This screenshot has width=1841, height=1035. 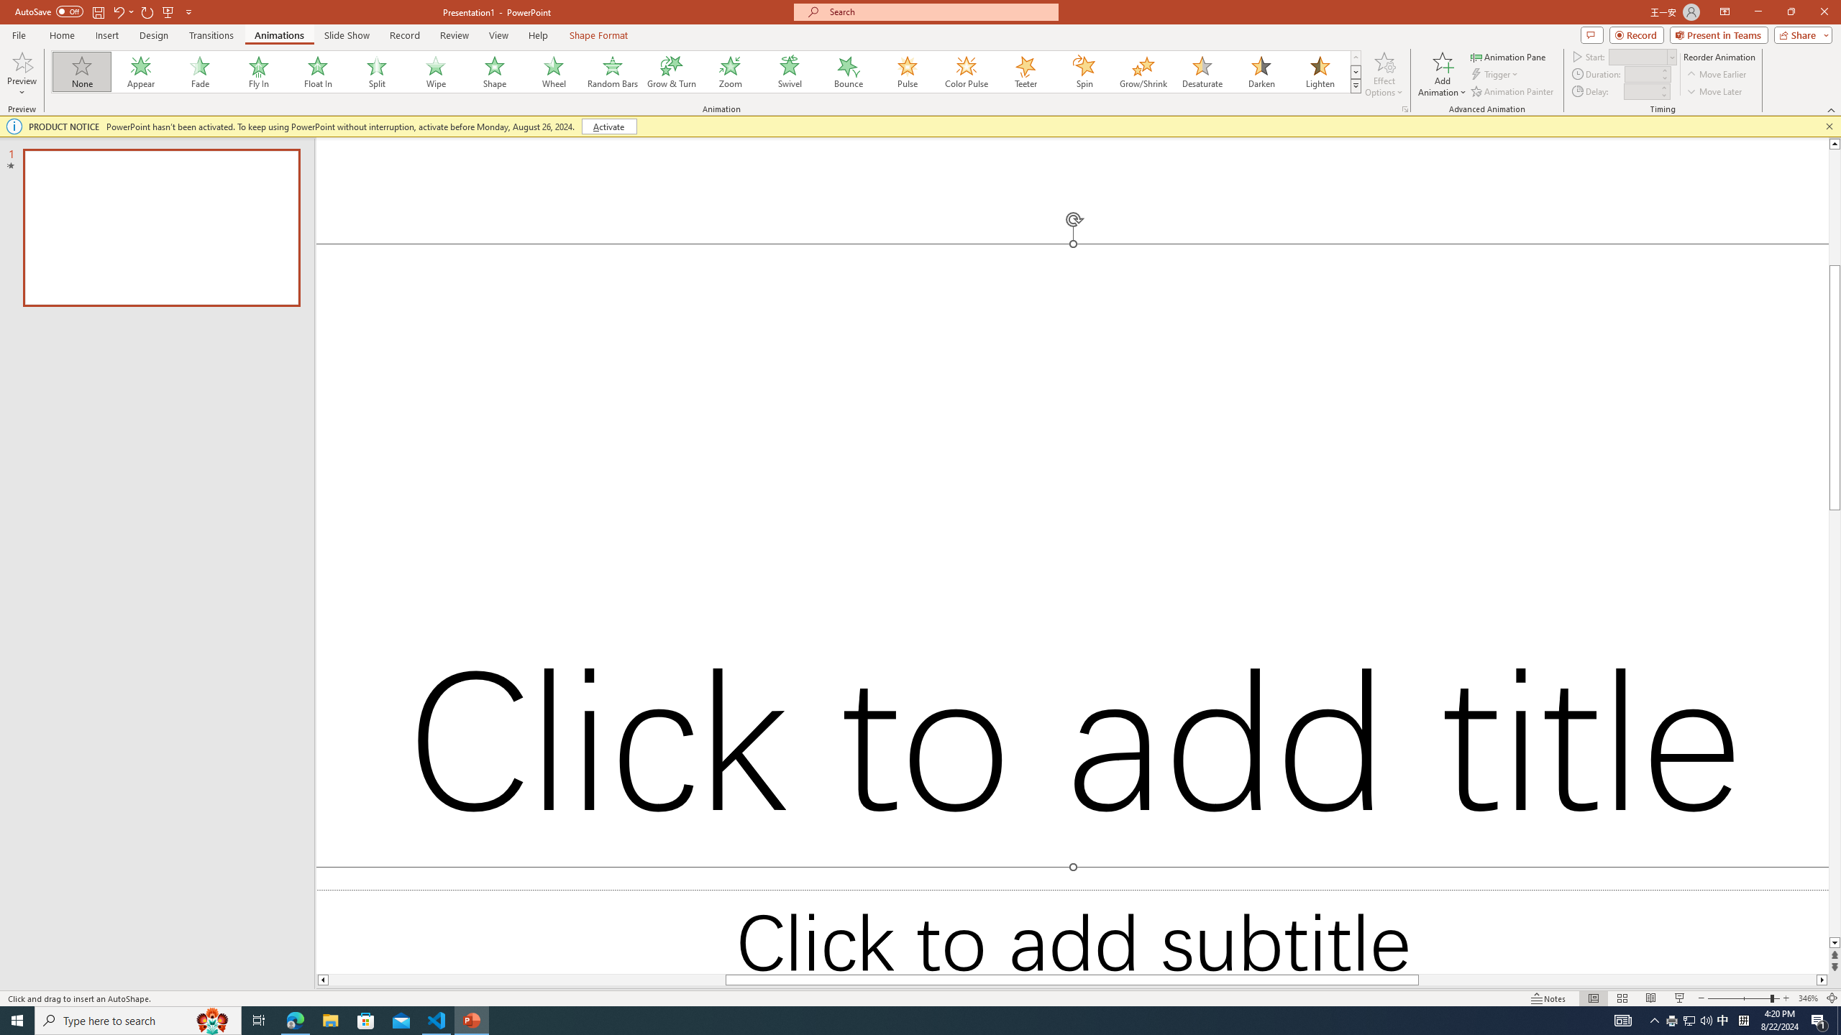 I want to click on 'Animation Styles', so click(x=1355, y=85).